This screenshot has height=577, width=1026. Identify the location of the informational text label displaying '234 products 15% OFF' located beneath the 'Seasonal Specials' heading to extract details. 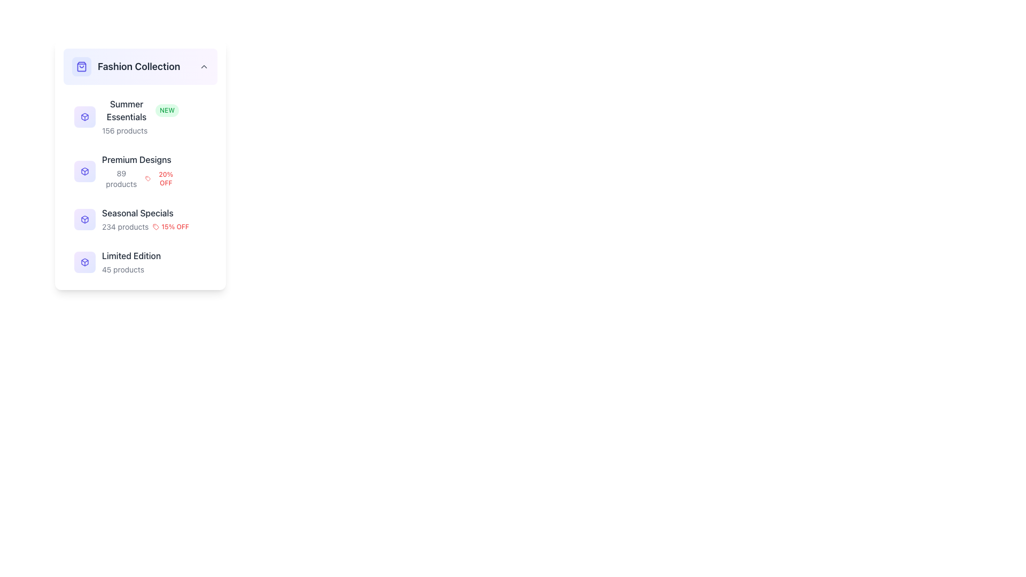
(149, 226).